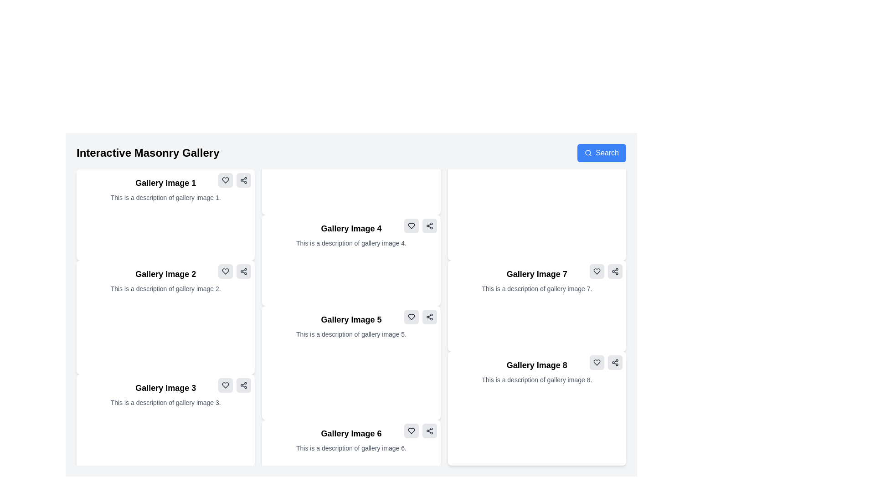  I want to click on the text block titled 'Gallery Image 4', which features a large bold title and a smaller muted gray description underneath, located in the central column of the gallery grid, so click(351, 235).